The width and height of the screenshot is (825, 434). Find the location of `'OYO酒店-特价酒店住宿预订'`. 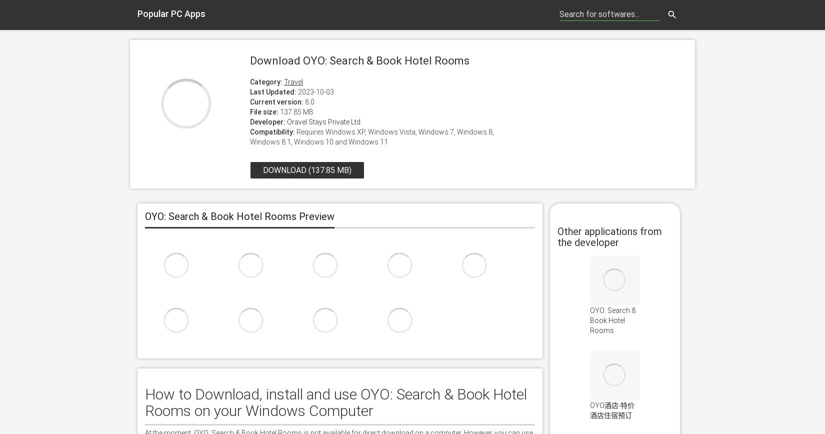

'OYO酒店-特价酒店住宿预订' is located at coordinates (612, 410).